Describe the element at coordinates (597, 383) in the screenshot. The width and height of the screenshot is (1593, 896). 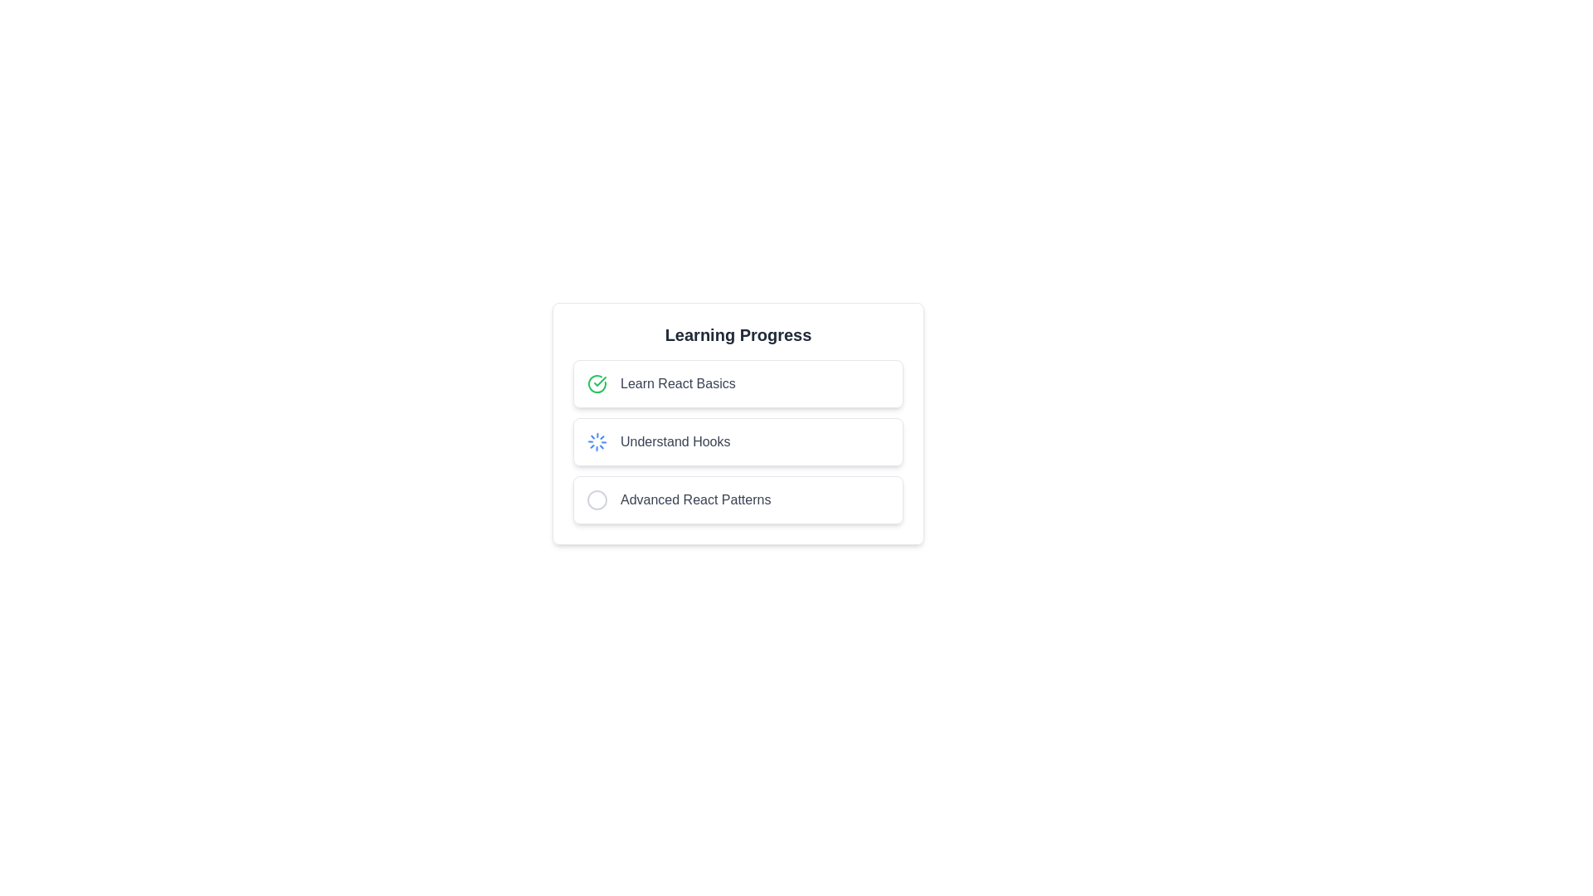
I see `the circular green icon with a checkmark indicating completion, located to the far left of the 'Learn React Basics' text in the 'Learning Progress' section` at that location.